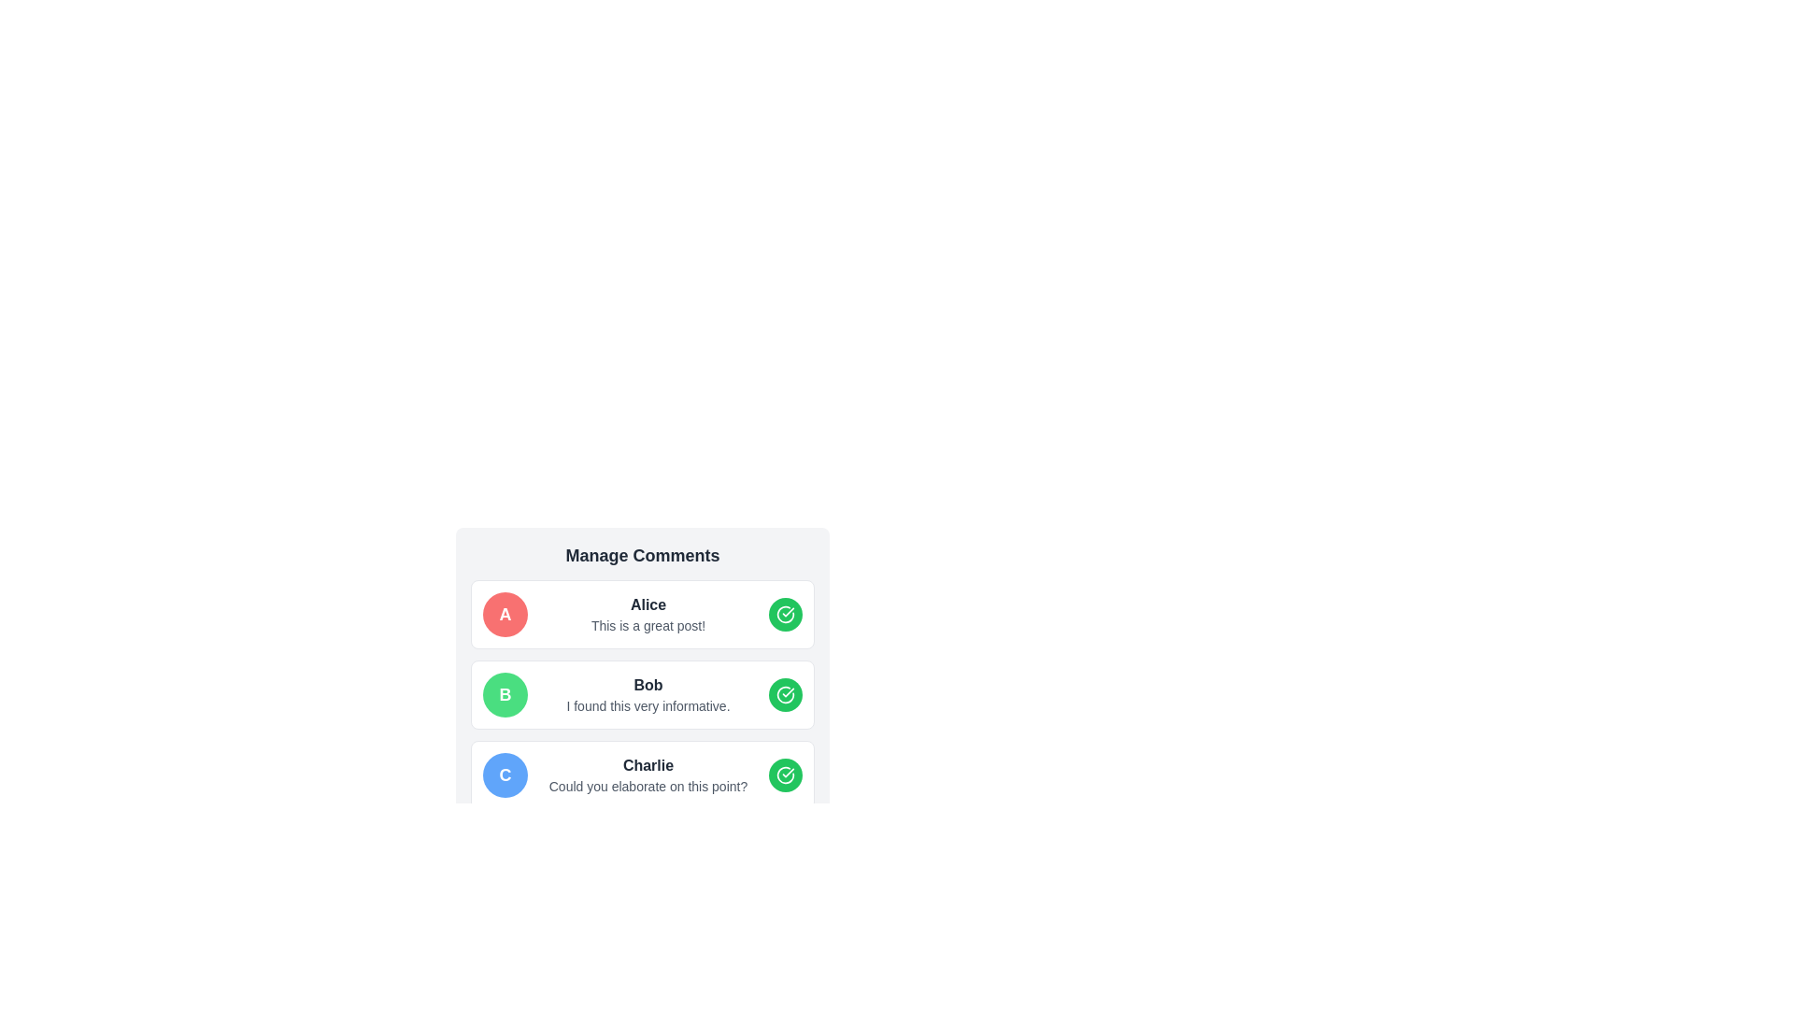 Image resolution: width=1794 pixels, height=1009 pixels. I want to click on the confirmation button located to the right of the comment text labeled 'Bob' in the 'Manage Comments' interface, so click(785, 695).